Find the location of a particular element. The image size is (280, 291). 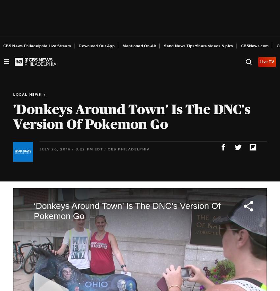

''Donkeys Around Town' Is The DNC's Version Of Pokemon Go' is located at coordinates (132, 116).